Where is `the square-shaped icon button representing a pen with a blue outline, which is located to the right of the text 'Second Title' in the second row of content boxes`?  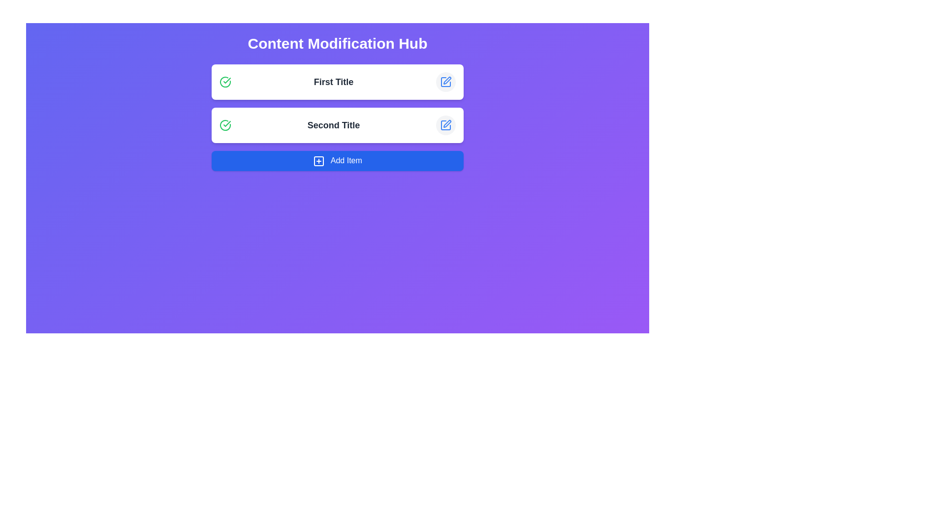
the square-shaped icon button representing a pen with a blue outline, which is located to the right of the text 'Second Title' in the second row of content boxes is located at coordinates (445, 124).